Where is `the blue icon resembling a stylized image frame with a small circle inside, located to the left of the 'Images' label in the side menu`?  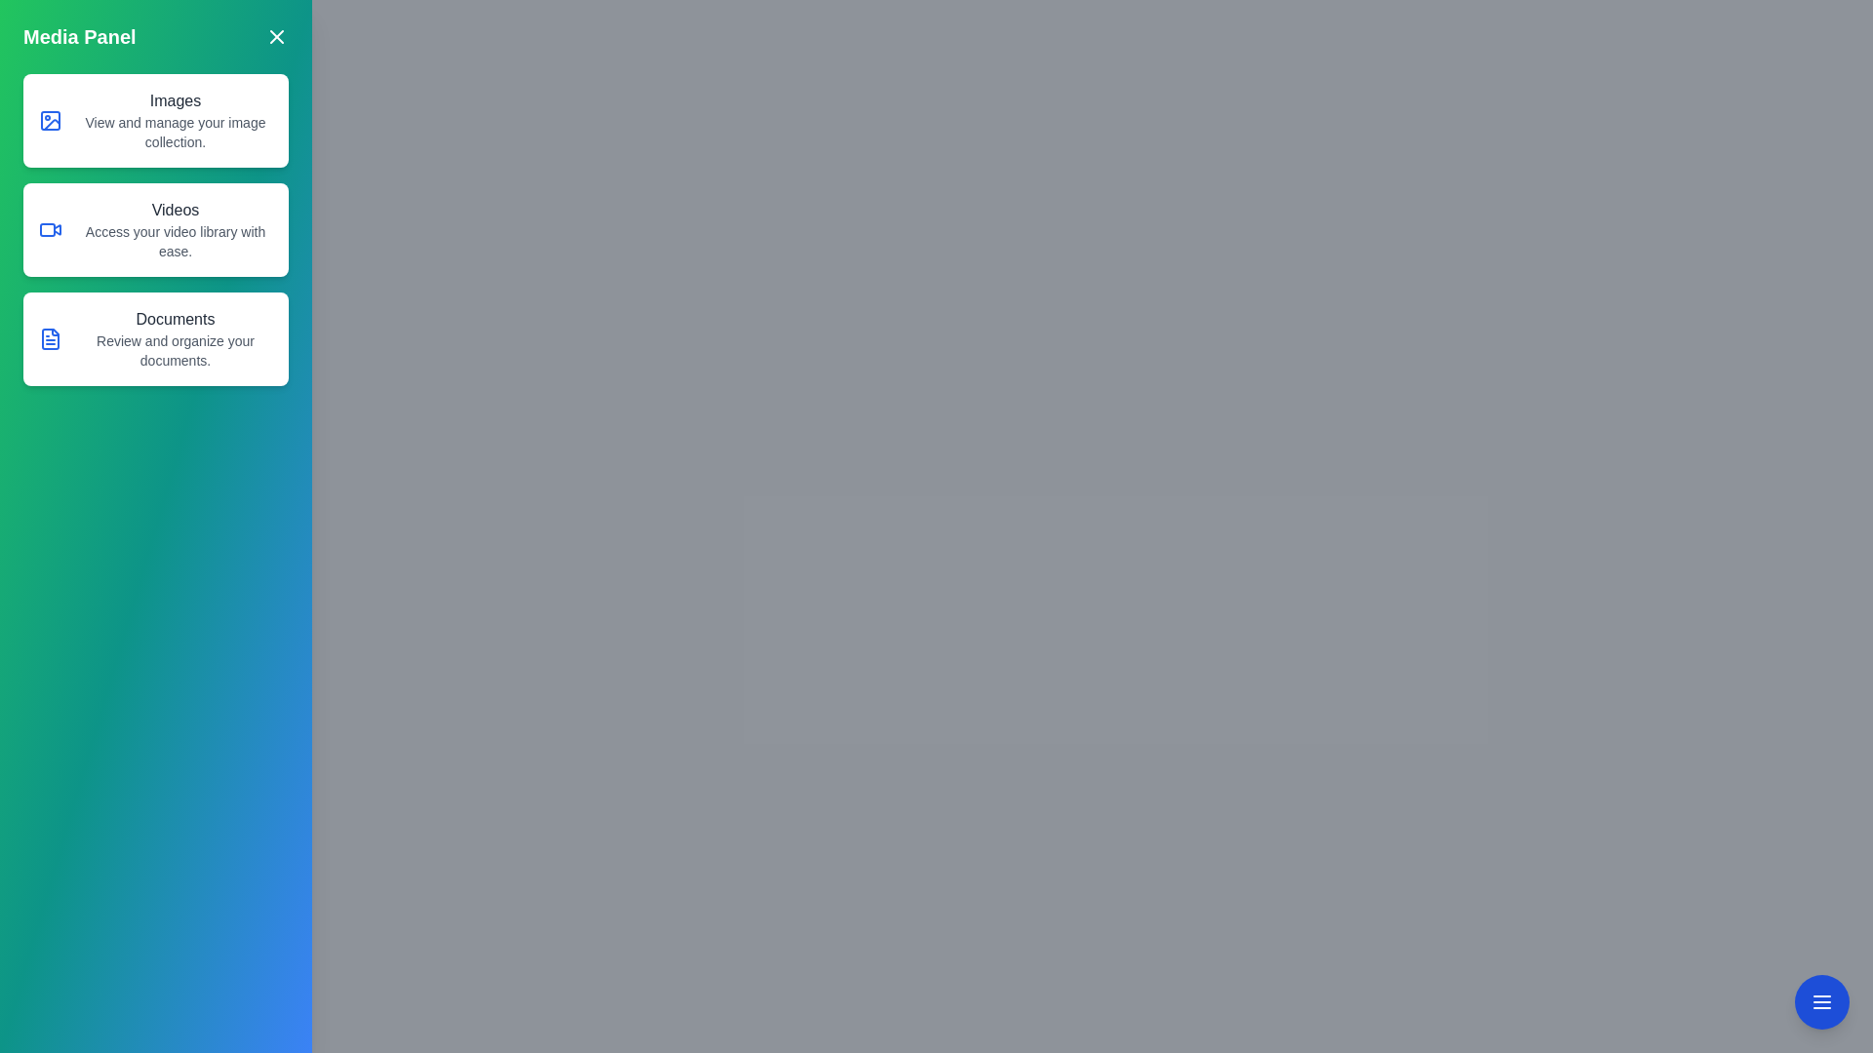 the blue icon resembling a stylized image frame with a small circle inside, located to the left of the 'Images' label in the side menu is located at coordinates (51, 120).